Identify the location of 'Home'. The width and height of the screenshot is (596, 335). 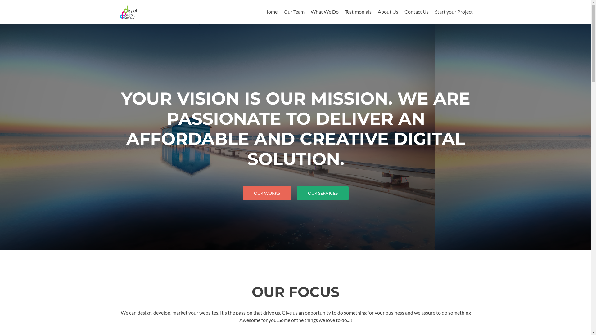
(271, 11).